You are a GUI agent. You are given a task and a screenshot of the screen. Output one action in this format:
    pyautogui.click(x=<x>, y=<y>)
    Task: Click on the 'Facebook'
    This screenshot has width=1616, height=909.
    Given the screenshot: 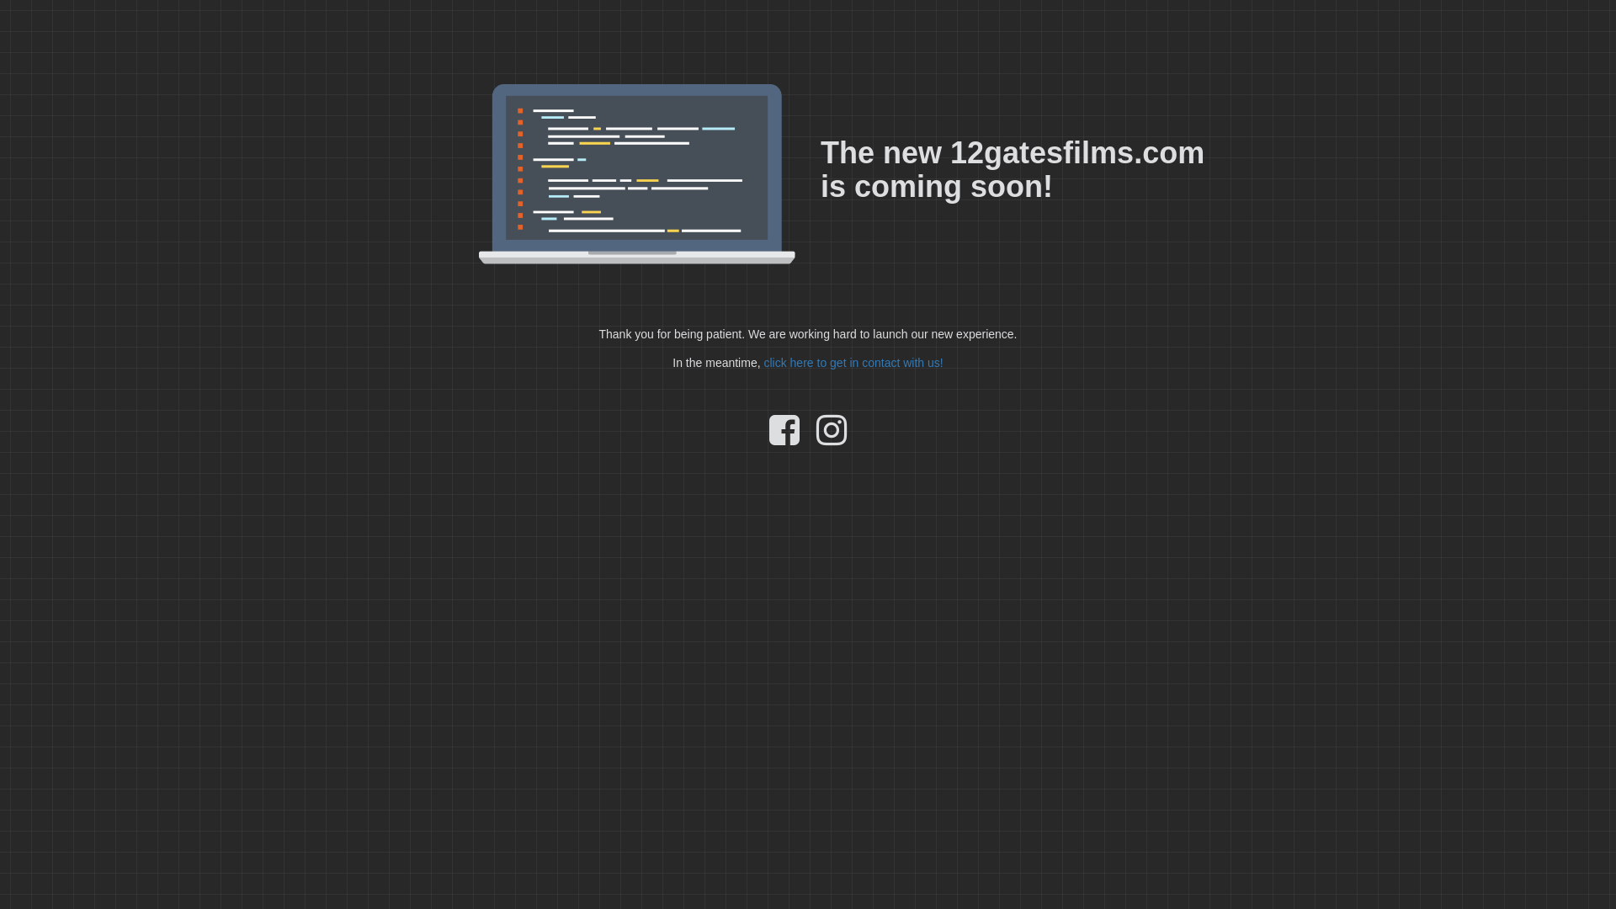 What is the action you would take?
    pyautogui.click(x=783, y=437)
    